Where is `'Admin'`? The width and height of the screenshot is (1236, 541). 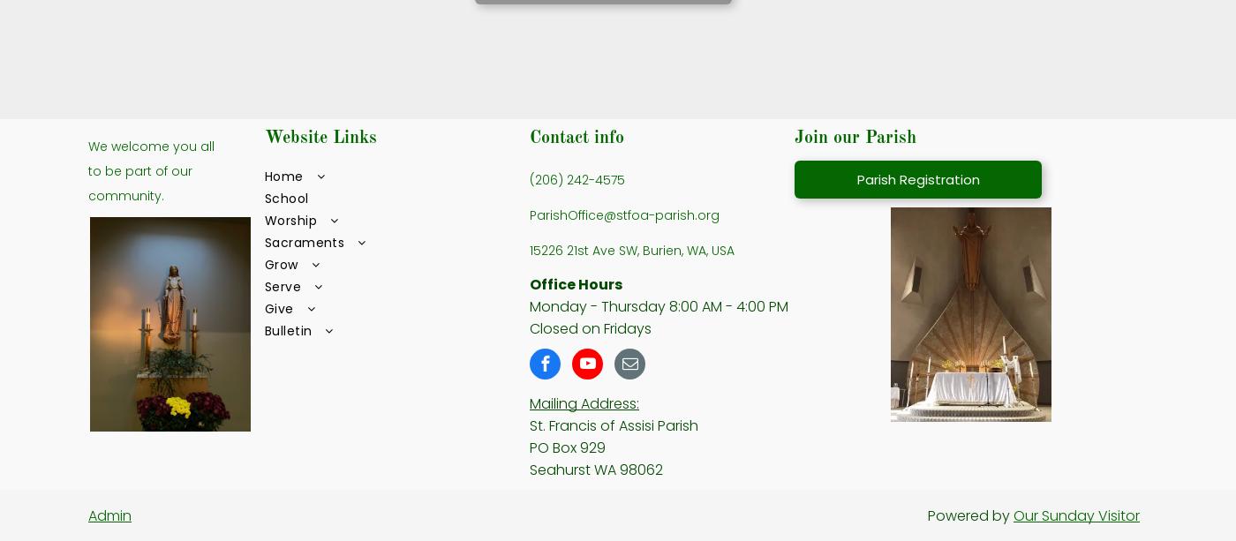
'Admin' is located at coordinates (109, 514).